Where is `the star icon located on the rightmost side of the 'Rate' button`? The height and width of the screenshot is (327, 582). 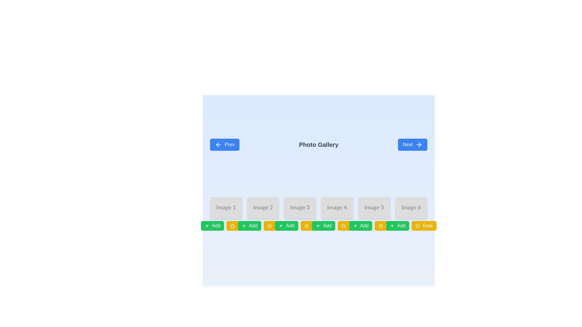
the star icon located on the rightmost side of the 'Rate' button is located at coordinates (269, 226).